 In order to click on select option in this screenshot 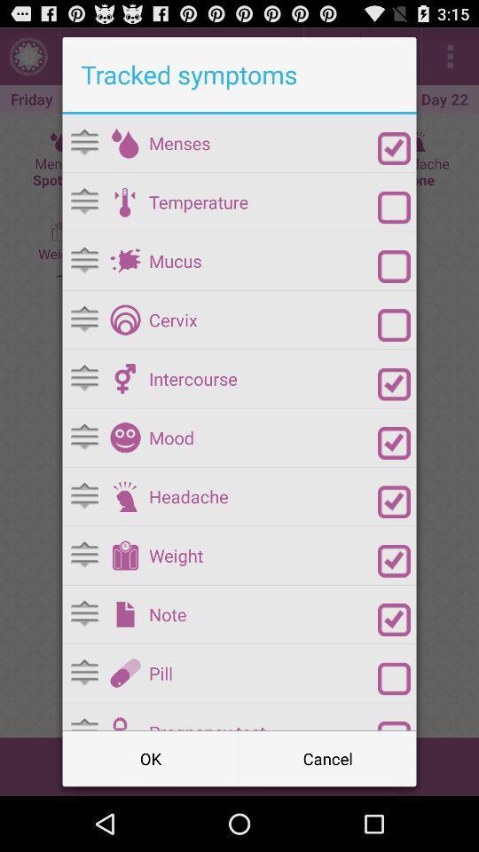, I will do `click(394, 442)`.